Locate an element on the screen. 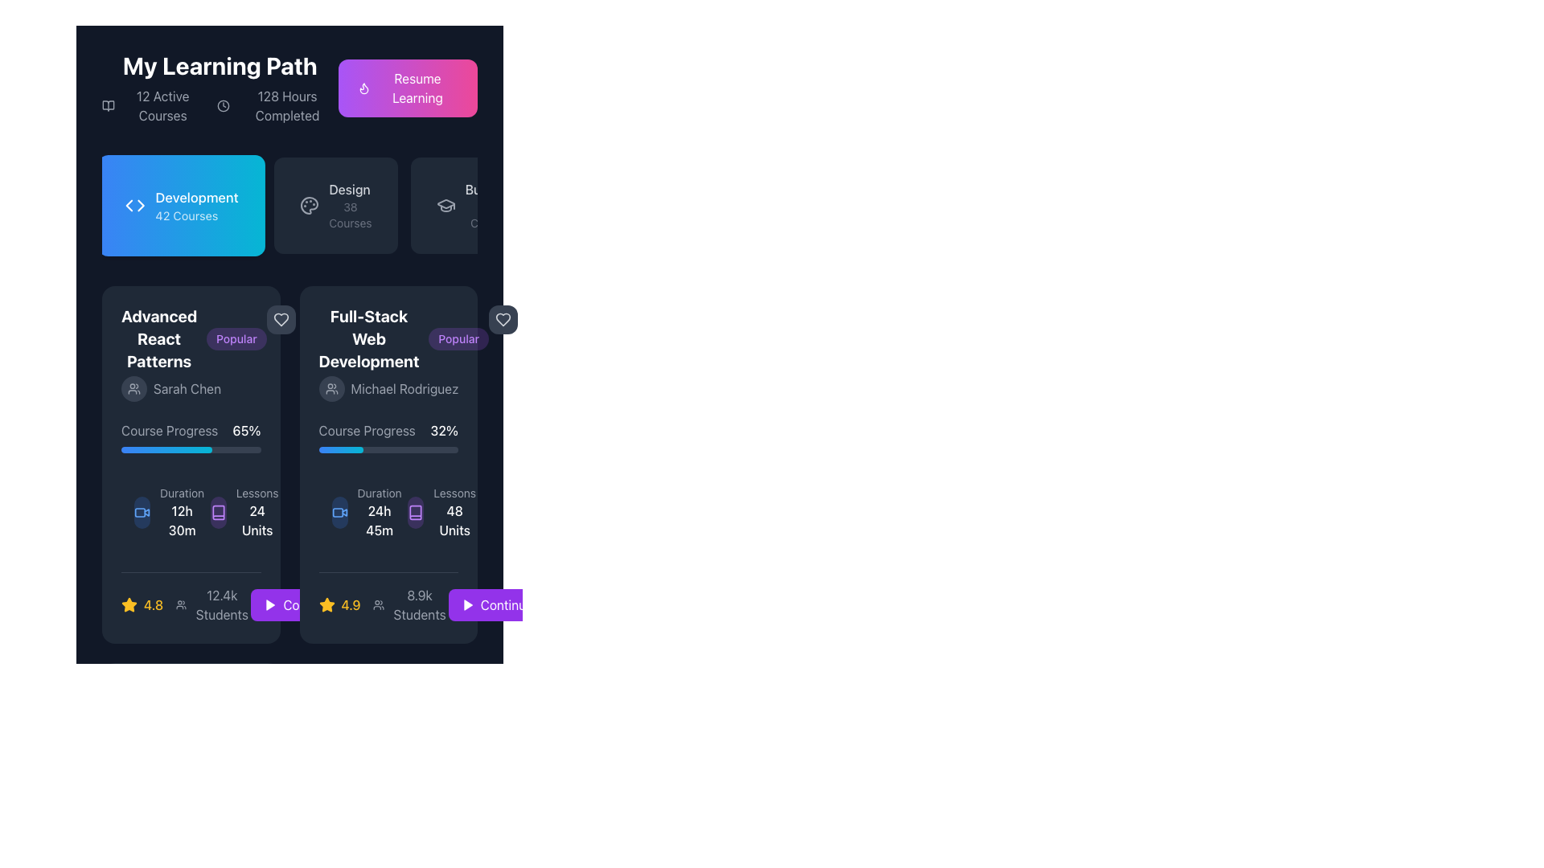 The width and height of the screenshot is (1544, 868). the text label that identifies the course titled 'Full-Stack Web Development', located above 'Michael Rodriguez' and to the left of the 'Popular' badge within the course module card is located at coordinates (368, 338).